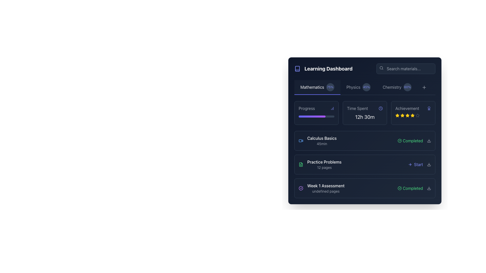 The height and width of the screenshot is (273, 486). I want to click on the small gray download icon, represented by a downward arrow over a horizontal line, located at the far-right end of the horizontal section containing the 'Start' button, so click(429, 165).